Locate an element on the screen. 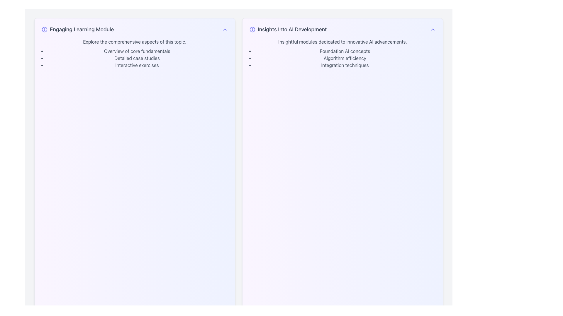 The width and height of the screenshot is (563, 316). text item that contains 'Foundation AI concepts', which is the first item in a bulleted list within the panel titled 'Insights Into AI Development' is located at coordinates (345, 51).